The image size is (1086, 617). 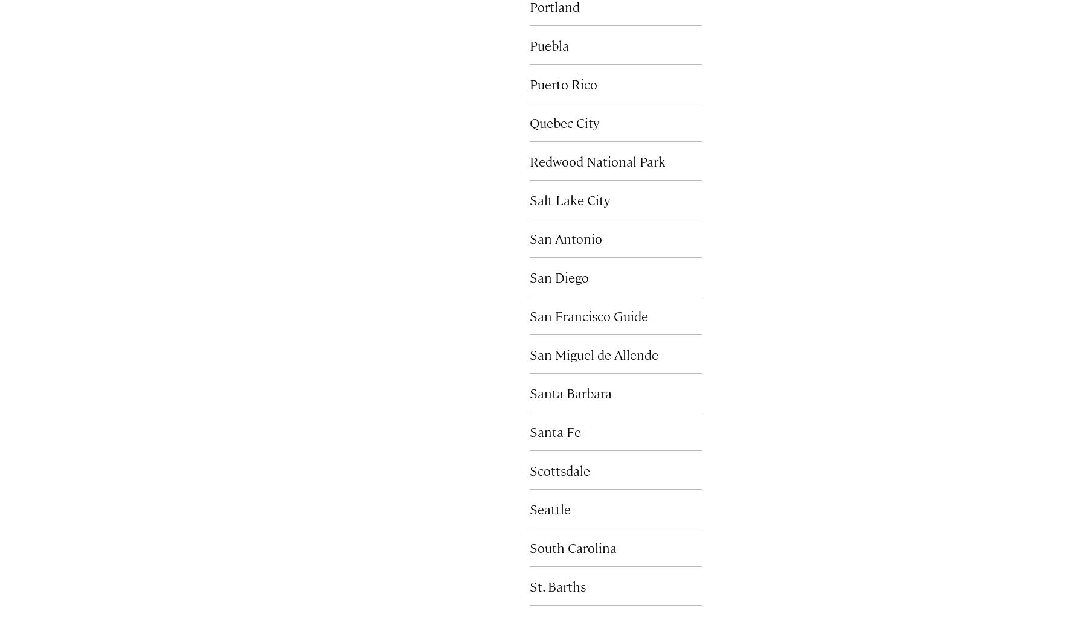 I want to click on 'Salt Lake City', so click(x=569, y=198).